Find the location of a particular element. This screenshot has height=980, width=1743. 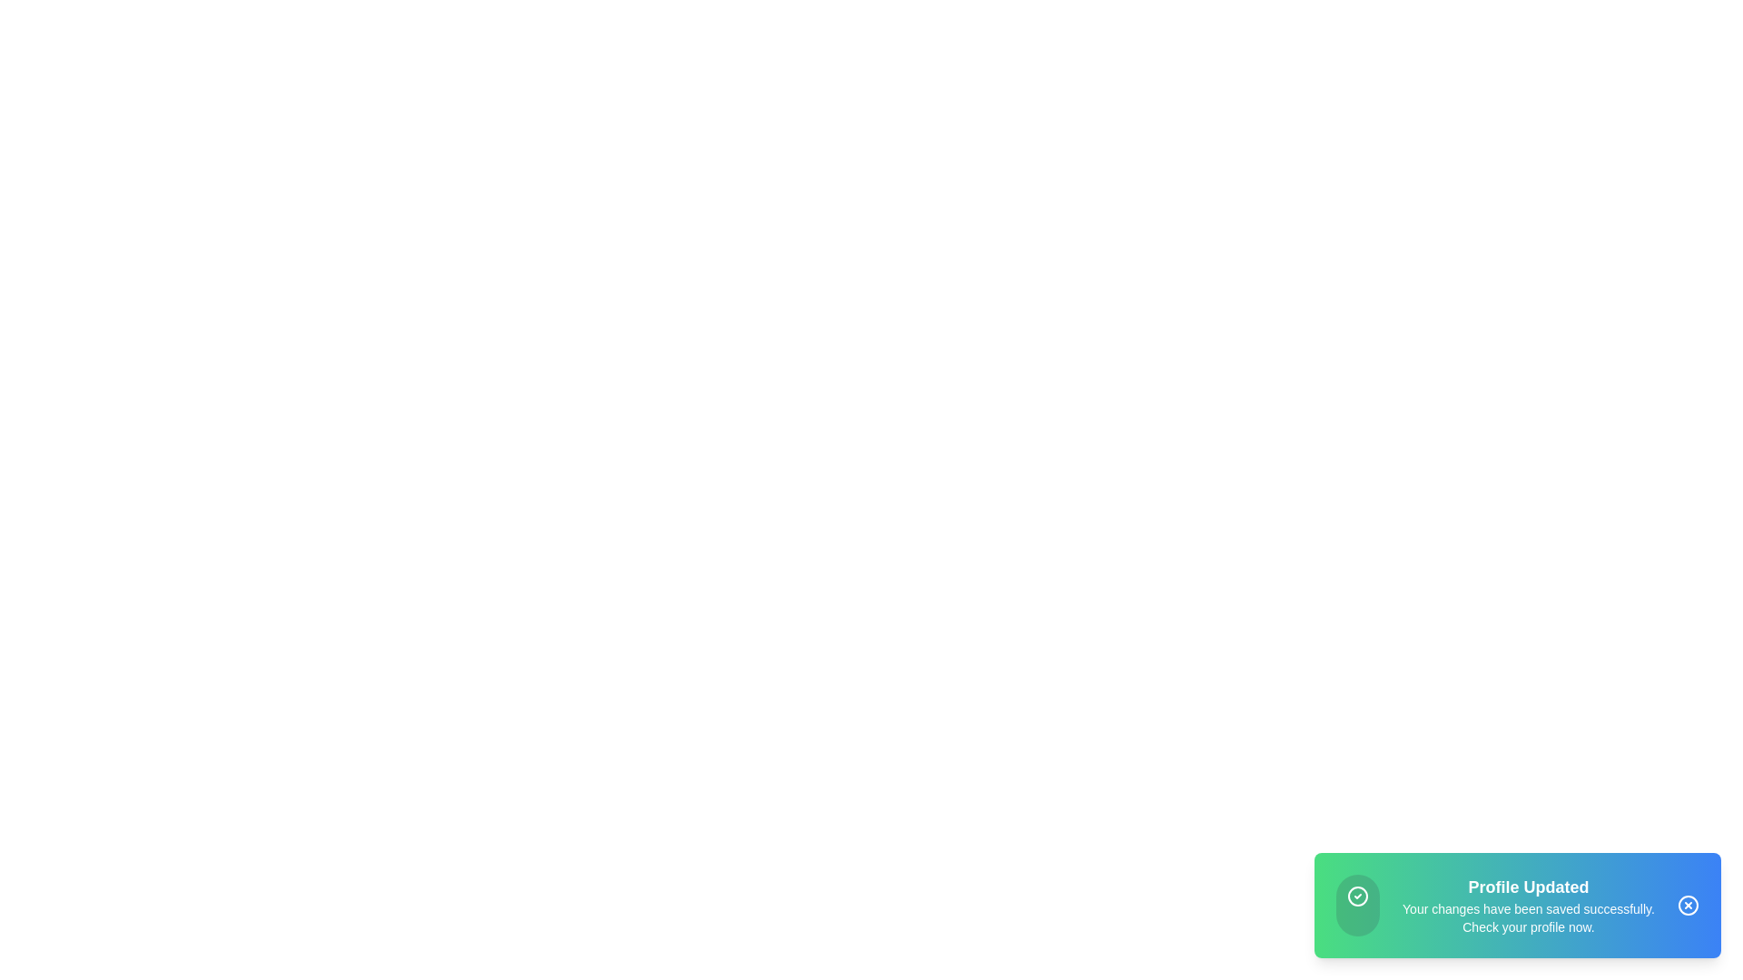

the close button of the notification to close it is located at coordinates (1688, 906).